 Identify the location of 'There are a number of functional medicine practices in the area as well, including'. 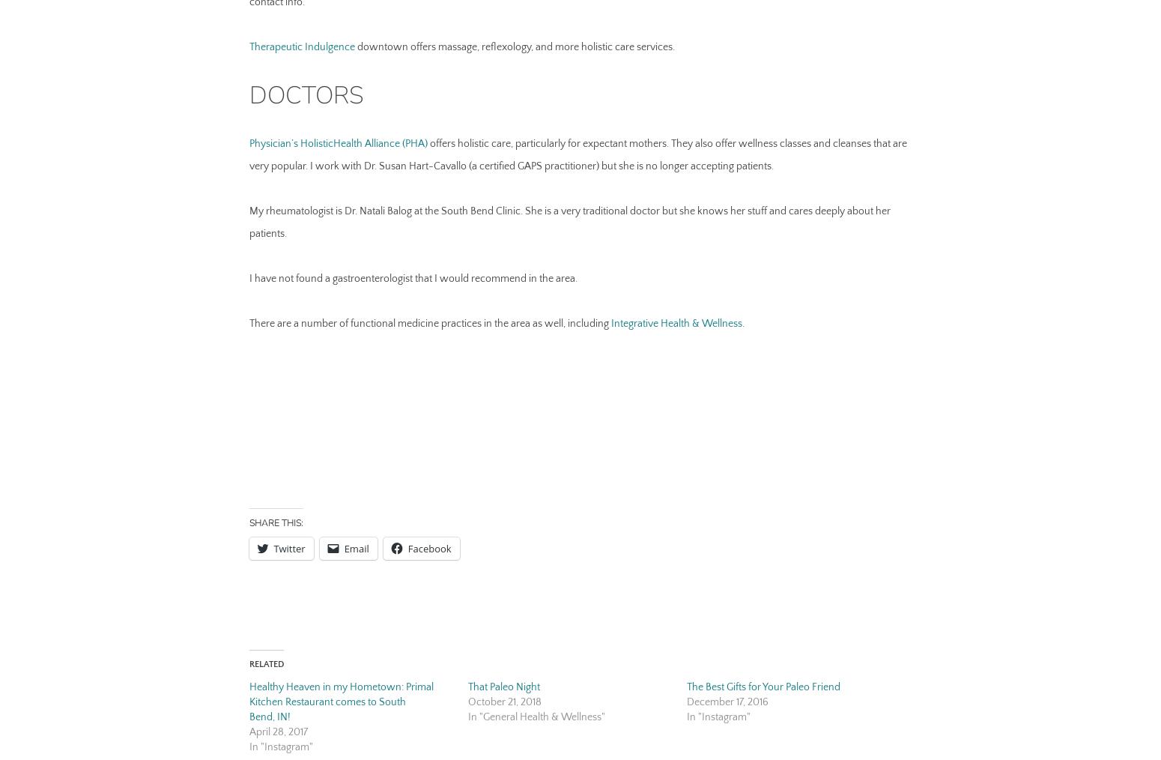
(248, 322).